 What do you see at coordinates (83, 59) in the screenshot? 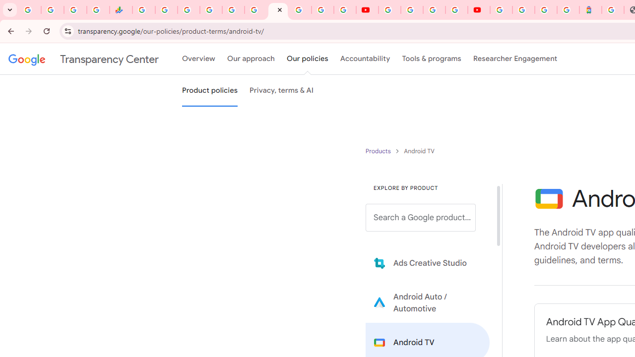
I see `'Transparency Center'` at bounding box center [83, 59].